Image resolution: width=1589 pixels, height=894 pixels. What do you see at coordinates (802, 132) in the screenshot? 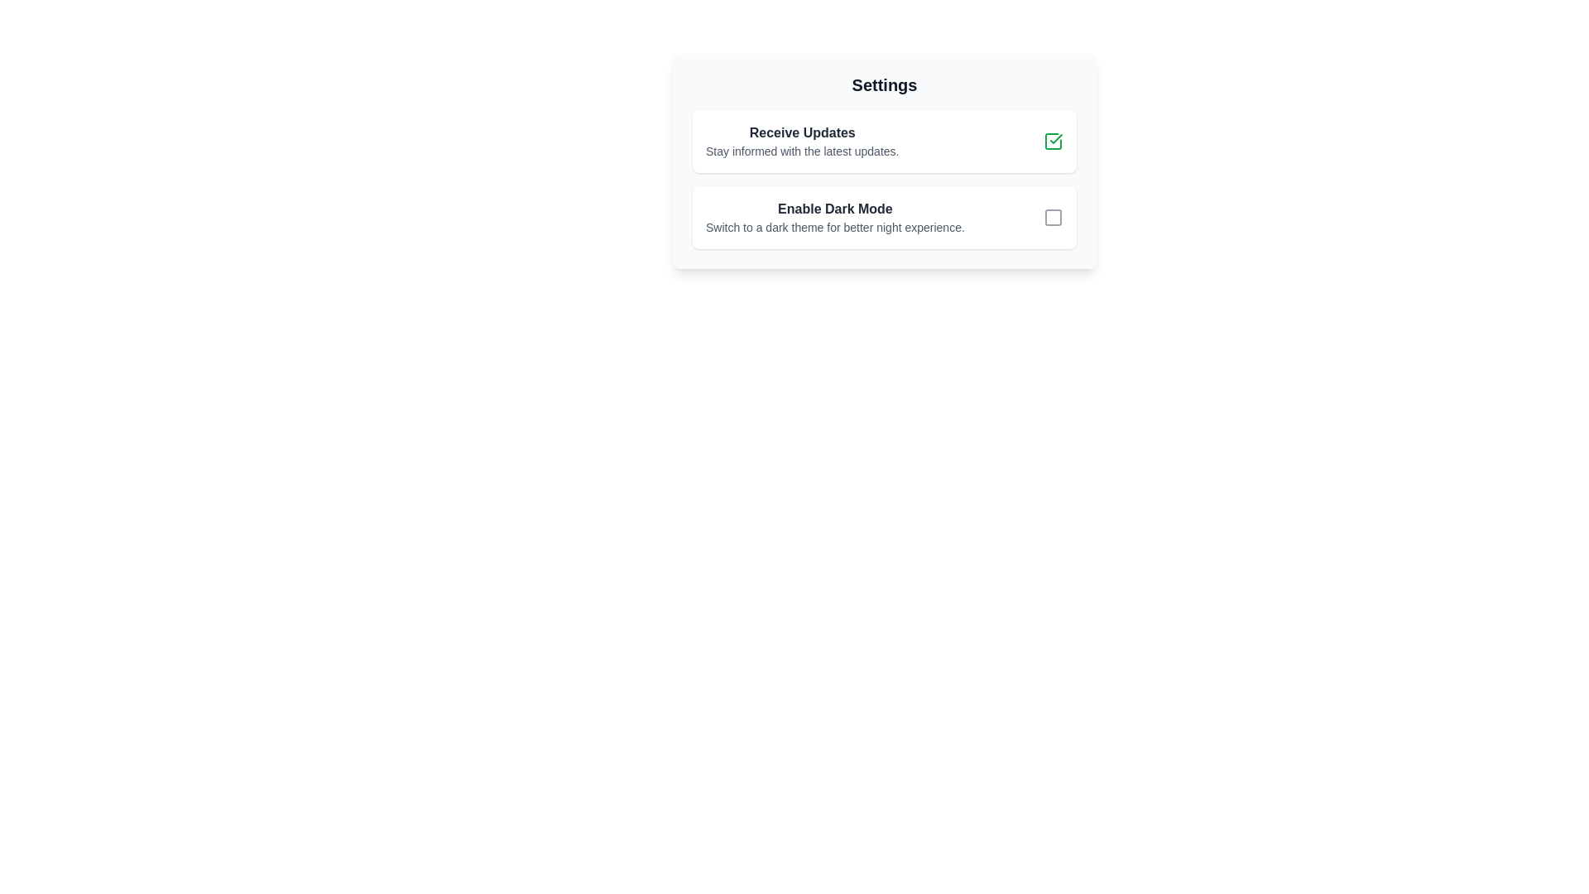
I see `the text label reading 'Receive Updates' styled in bold and dark color, which is located below the heading 'Settings' and above the text 'Stay informed with the latest updates'` at bounding box center [802, 132].